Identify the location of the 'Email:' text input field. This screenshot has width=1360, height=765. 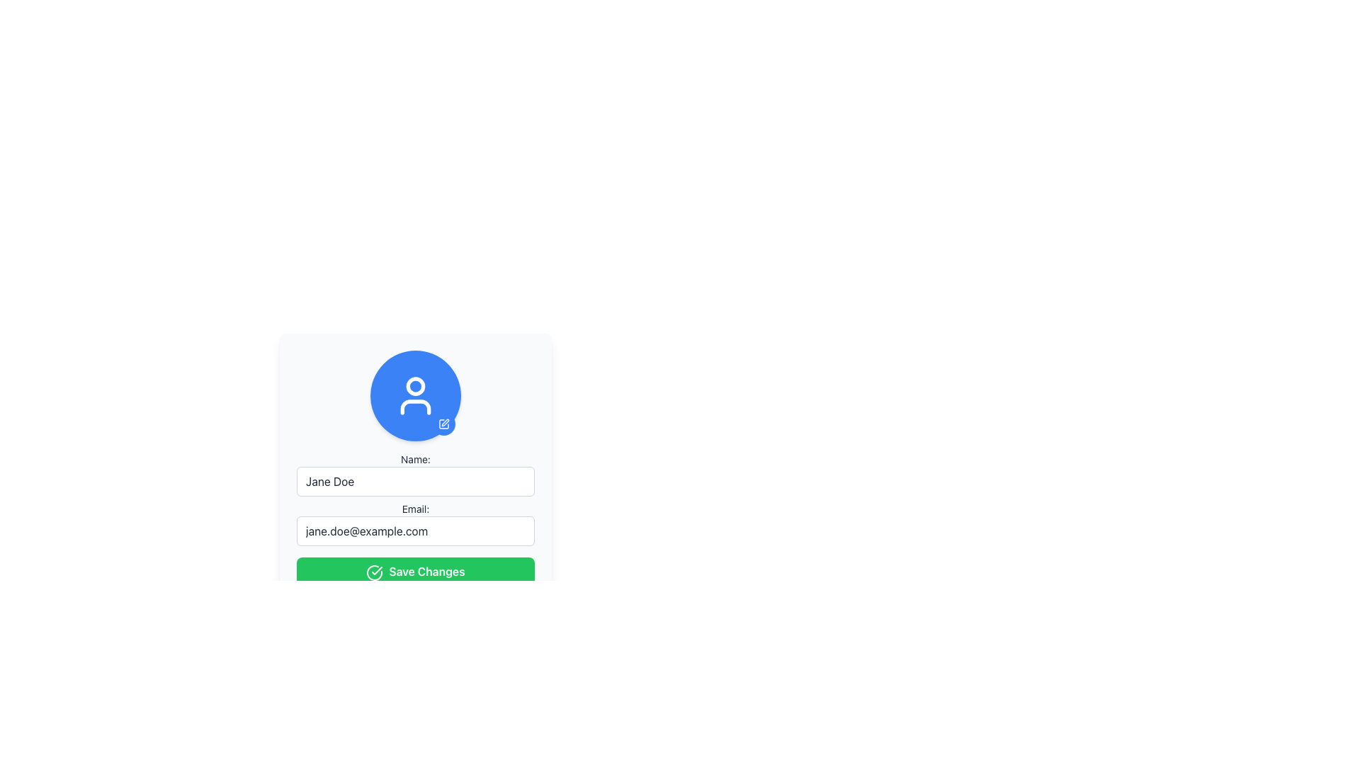
(414, 524).